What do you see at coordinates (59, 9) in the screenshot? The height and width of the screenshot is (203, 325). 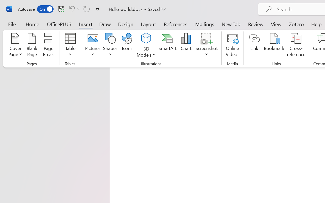 I see `'Quick Access Toolbar'` at bounding box center [59, 9].